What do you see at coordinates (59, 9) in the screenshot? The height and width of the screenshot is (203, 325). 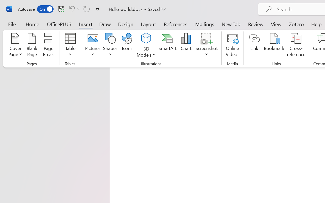 I see `'Quick Access Toolbar'` at bounding box center [59, 9].